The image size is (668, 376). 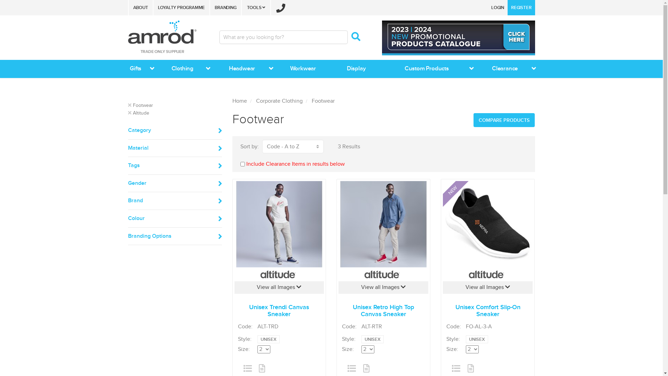 I want to click on 'Unisex Comfort Slip-On Sneaker', so click(x=487, y=224).